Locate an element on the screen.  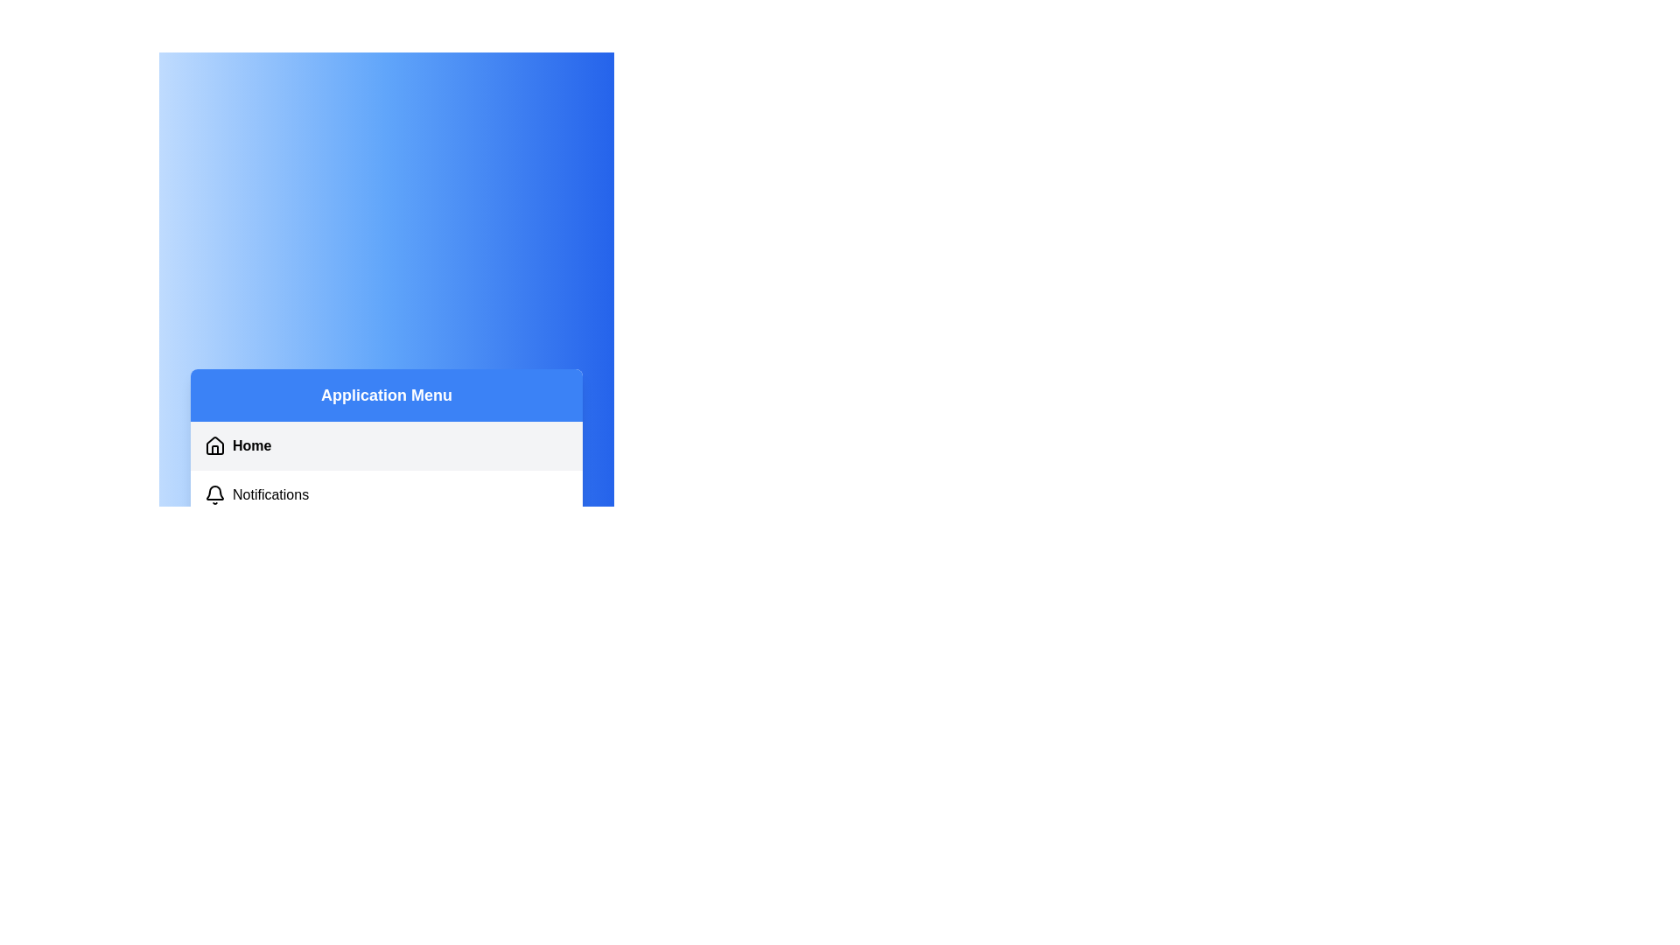
the menu item Home is located at coordinates (385, 444).